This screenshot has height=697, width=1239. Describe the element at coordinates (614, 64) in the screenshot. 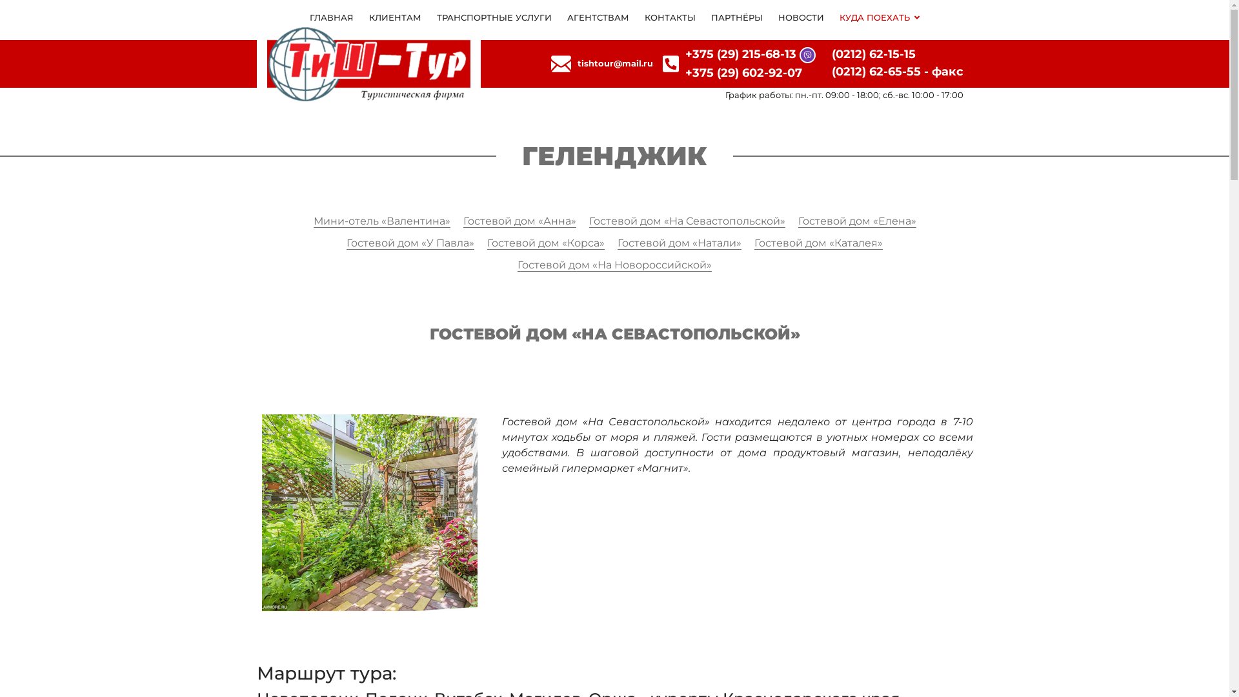

I see `'tishtour@mail.ru'` at that location.